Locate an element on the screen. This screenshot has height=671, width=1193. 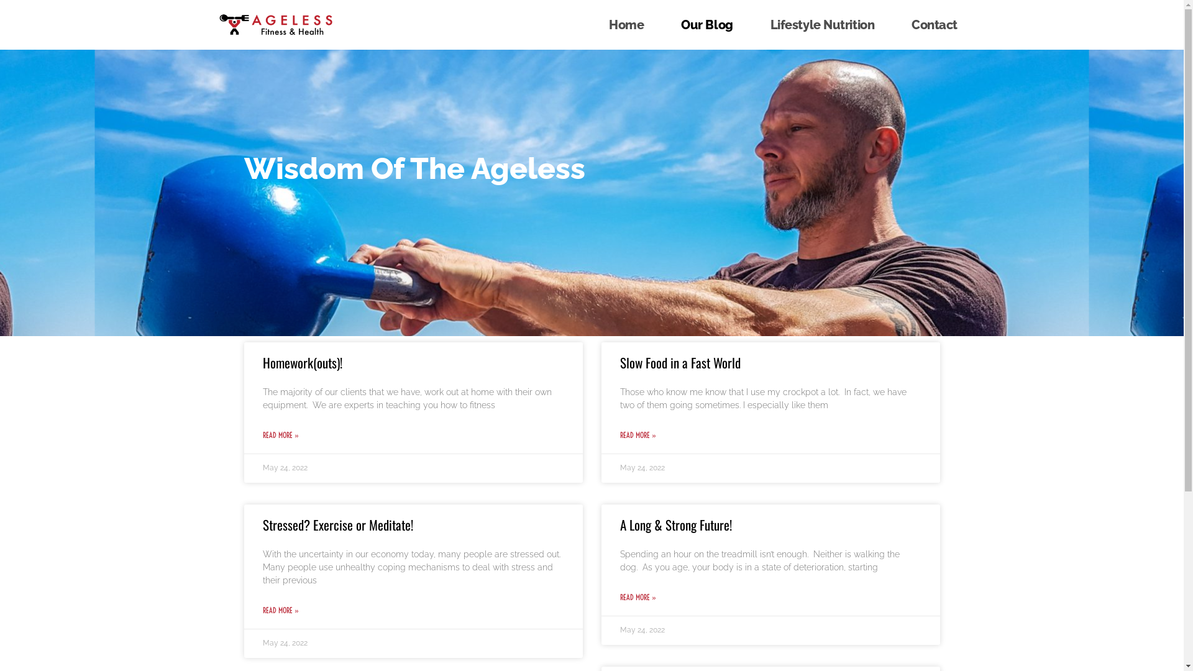
'Homework(outs)!' is located at coordinates (301, 362).